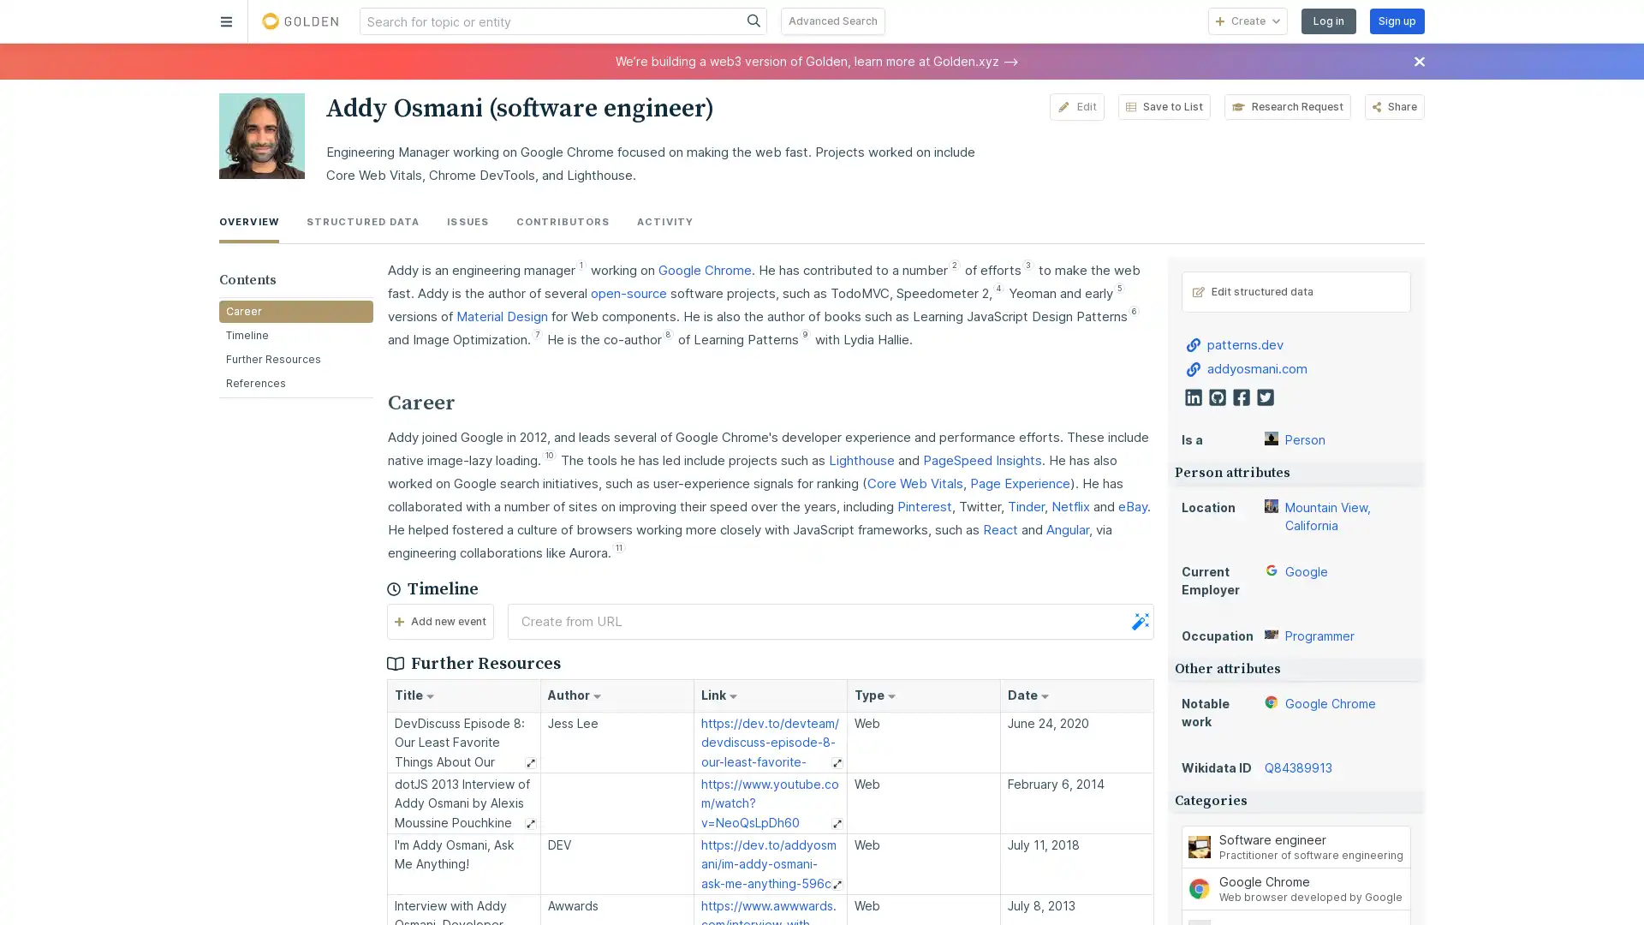 This screenshot has width=1644, height=925. What do you see at coordinates (1248, 21) in the screenshot?
I see `Create` at bounding box center [1248, 21].